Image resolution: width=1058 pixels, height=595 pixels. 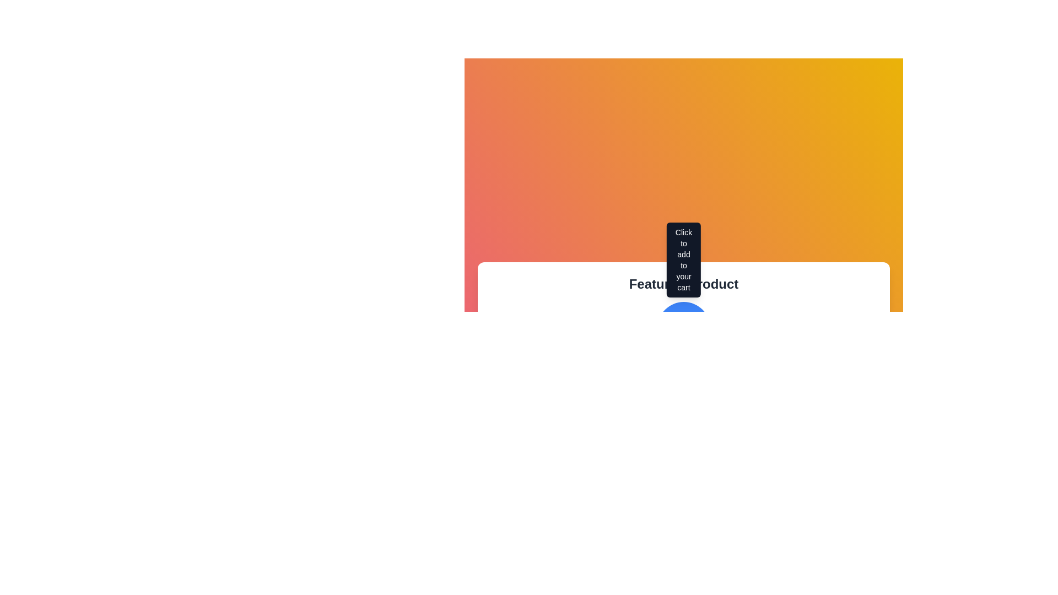 I want to click on the tooltip displaying the message 'Click to add to your cart' for accessibility purposes, so click(x=683, y=259).